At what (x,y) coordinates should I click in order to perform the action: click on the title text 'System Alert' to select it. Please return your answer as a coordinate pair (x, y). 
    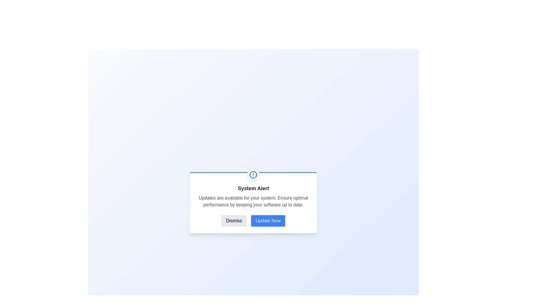
    Looking at the image, I should click on (253, 188).